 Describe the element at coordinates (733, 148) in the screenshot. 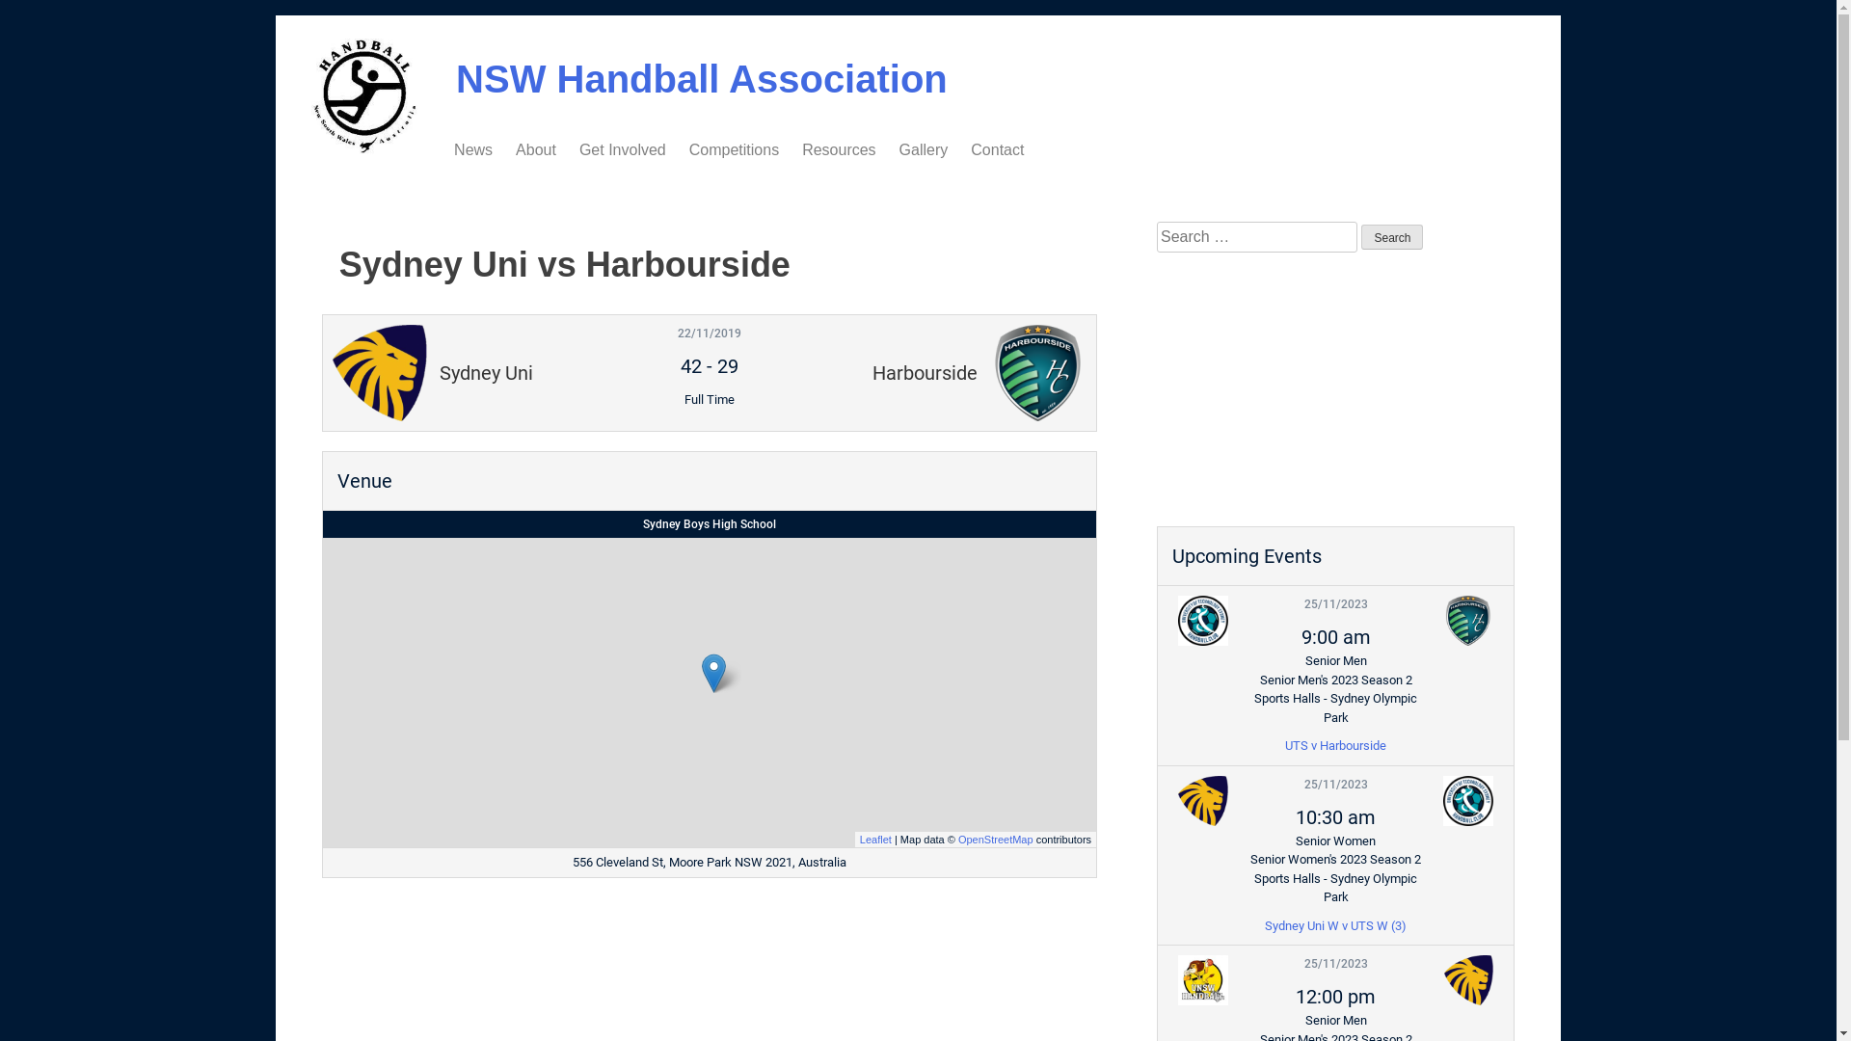

I see `'Competitions'` at that location.